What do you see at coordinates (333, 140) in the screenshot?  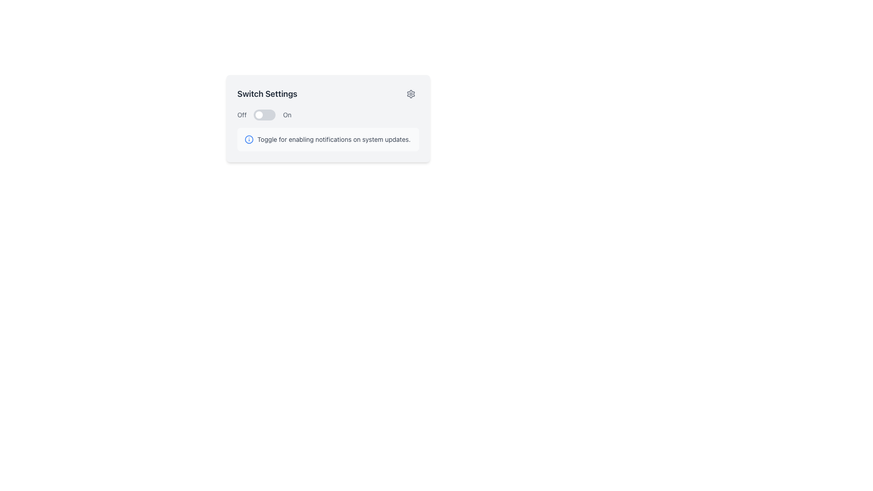 I see `the text label that reads 'Toggle for enabling notifications on system updates.' located in the lower half of the 'Switch Settings' section, which is adjacent to a blue question mark icon` at bounding box center [333, 140].